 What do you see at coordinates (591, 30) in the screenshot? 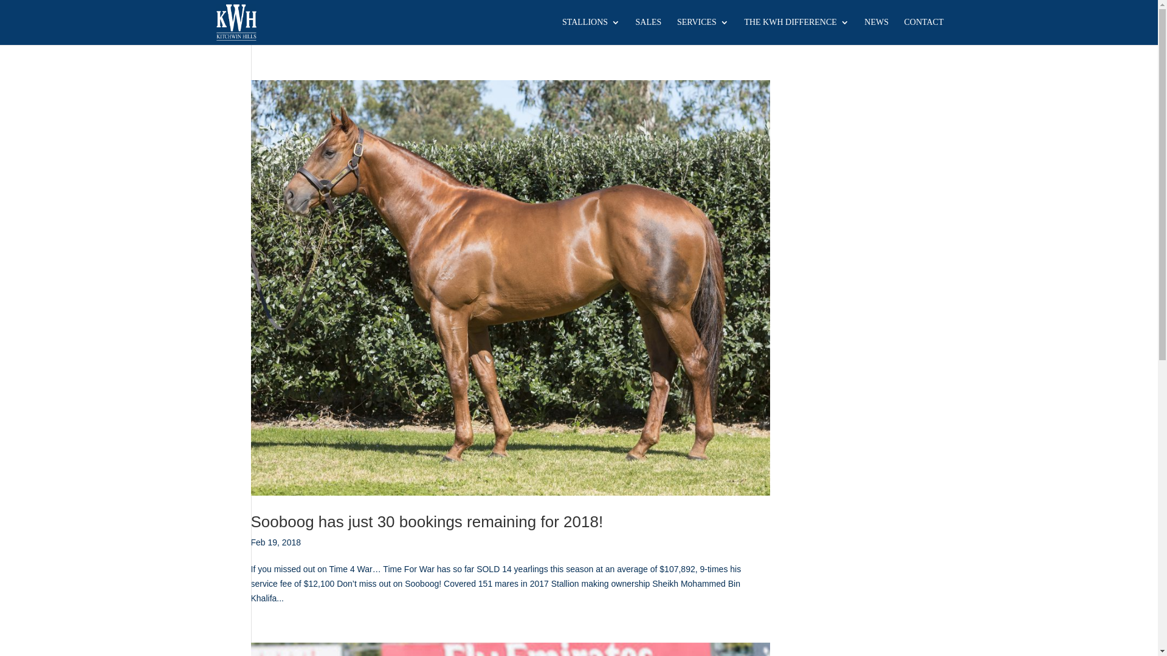
I see `'STALLIONS'` at bounding box center [591, 30].